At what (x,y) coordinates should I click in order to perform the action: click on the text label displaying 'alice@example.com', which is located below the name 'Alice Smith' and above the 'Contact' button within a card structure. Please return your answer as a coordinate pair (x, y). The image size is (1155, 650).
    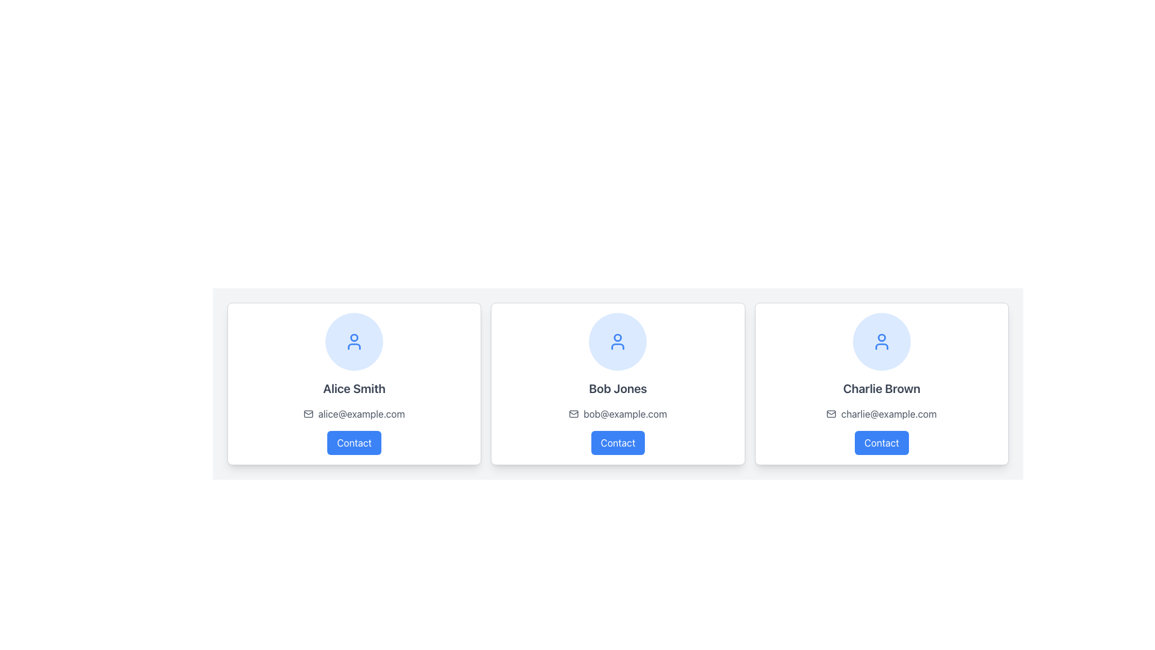
    Looking at the image, I should click on (354, 413).